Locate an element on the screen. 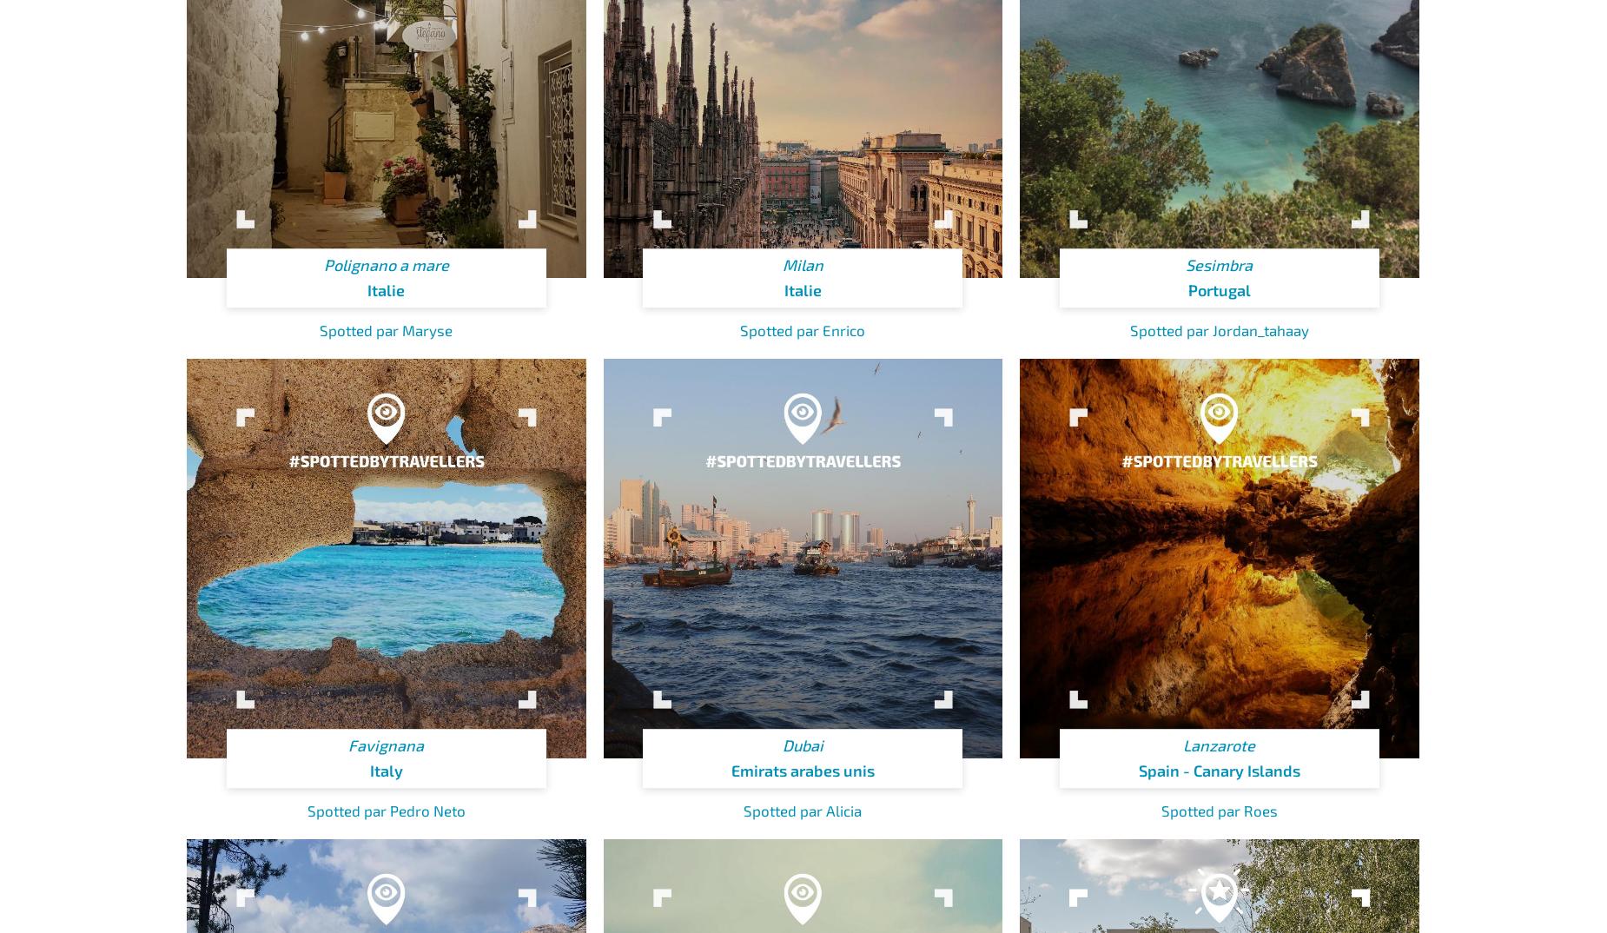 Image resolution: width=1607 pixels, height=933 pixels. 'Portugal' is located at coordinates (1219, 289).